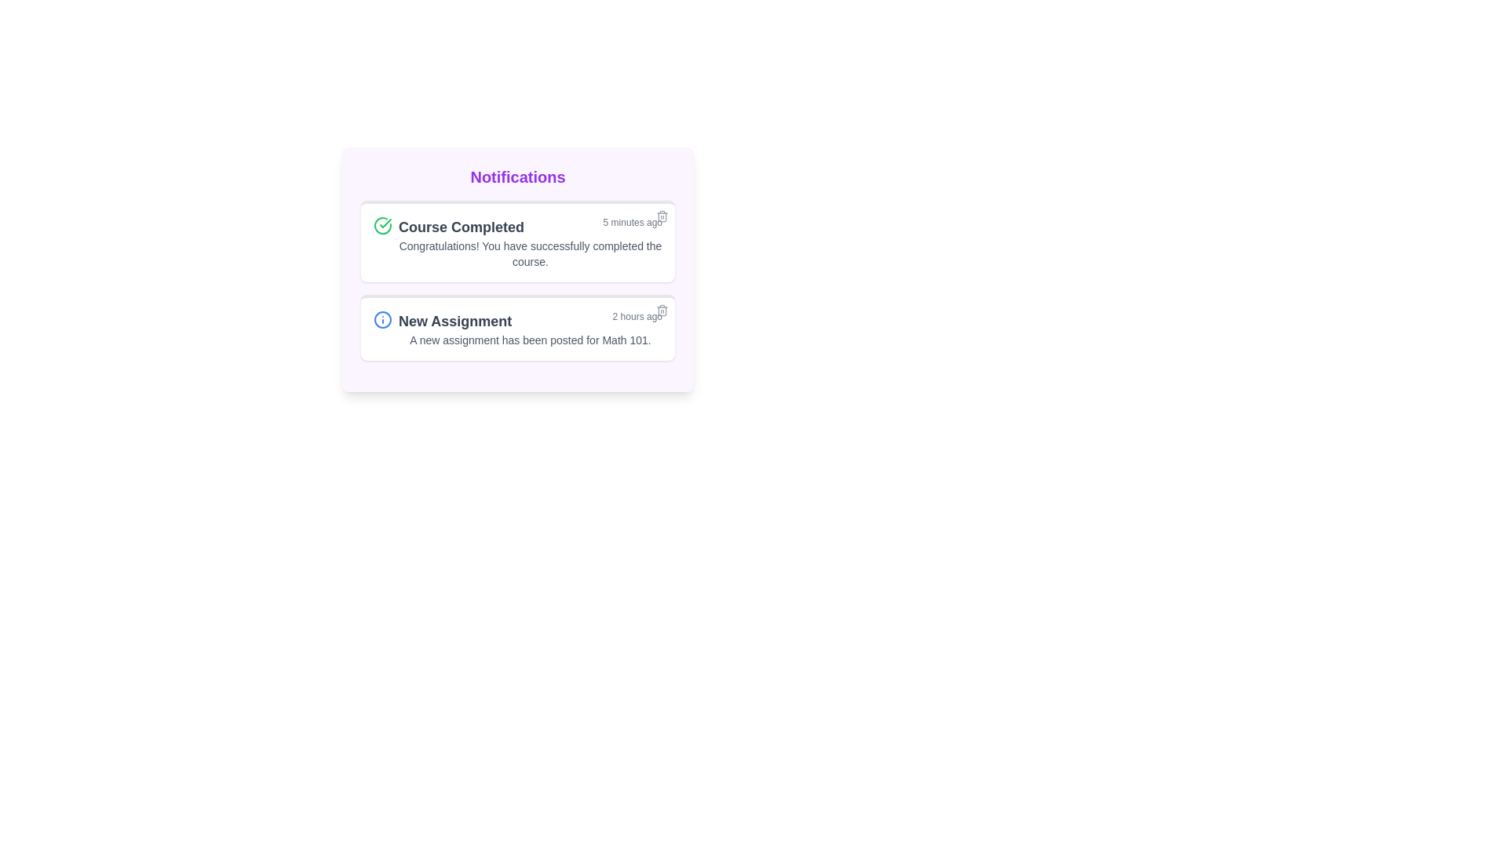  Describe the element at coordinates (662, 311) in the screenshot. I see `the delete icon button located at the top-right corner of the 'New Assignment' notification` at that location.